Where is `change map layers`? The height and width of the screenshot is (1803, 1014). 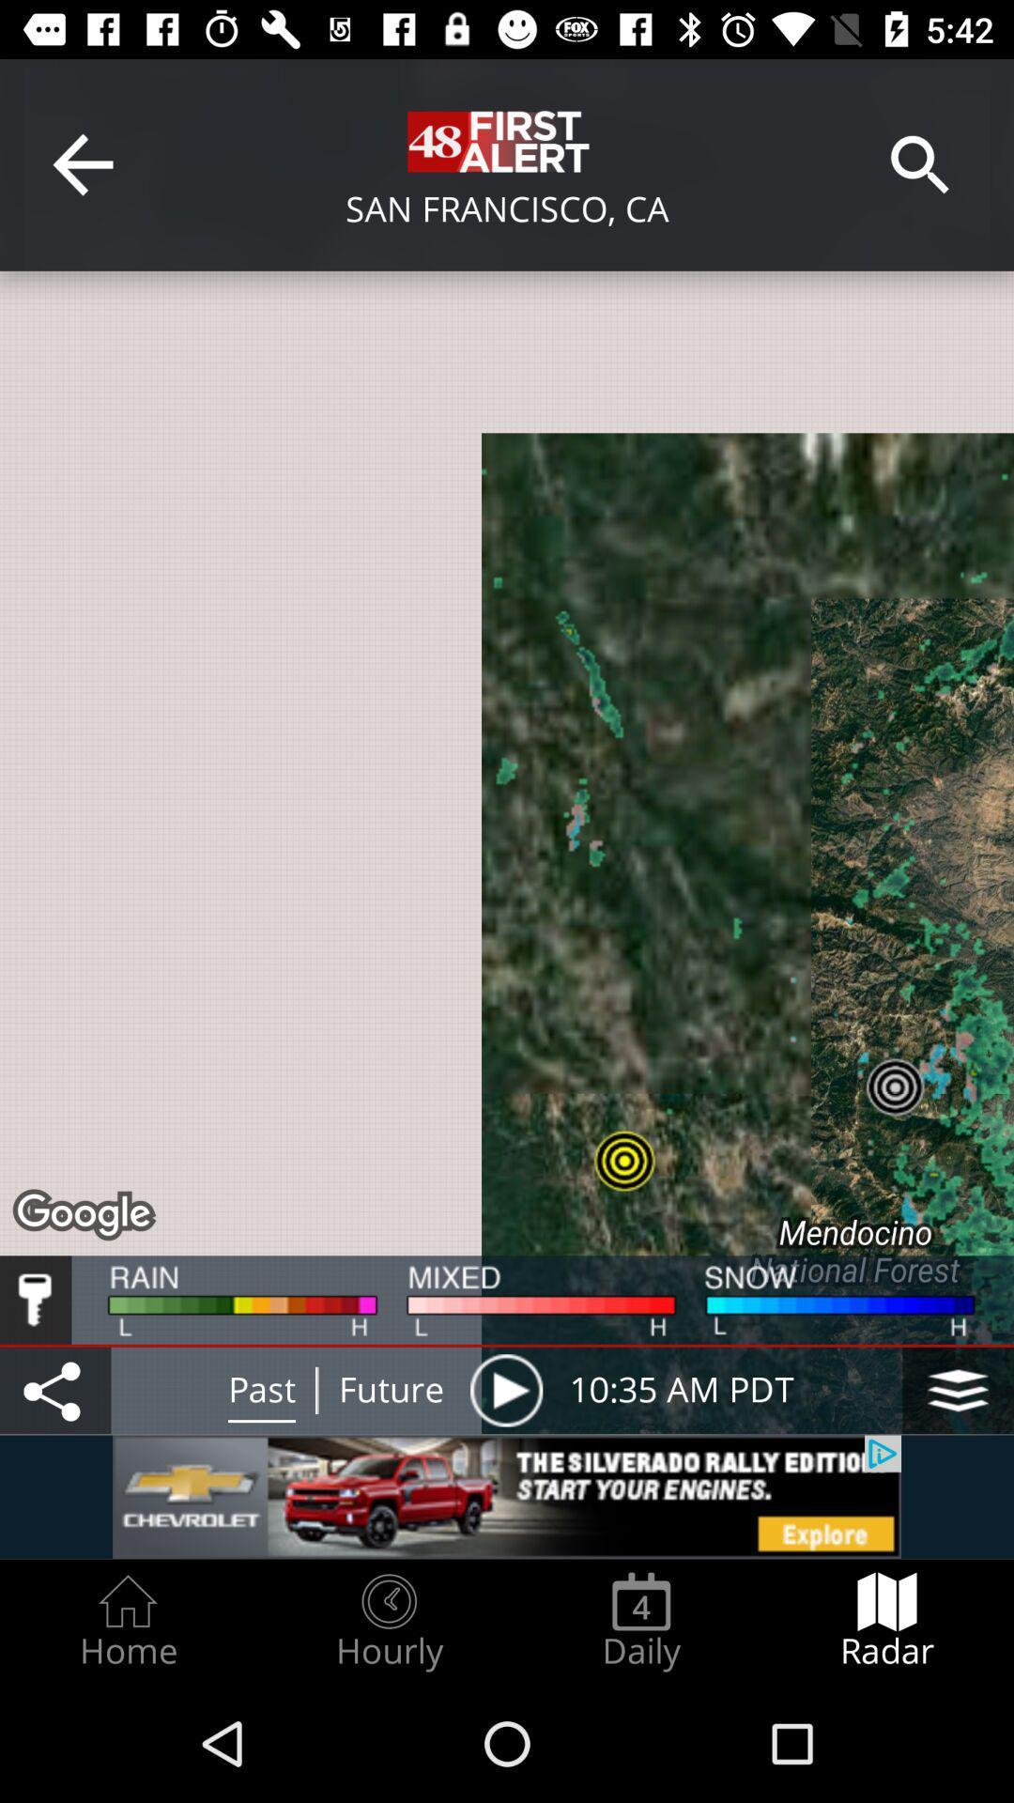 change map layers is located at coordinates (958, 1390).